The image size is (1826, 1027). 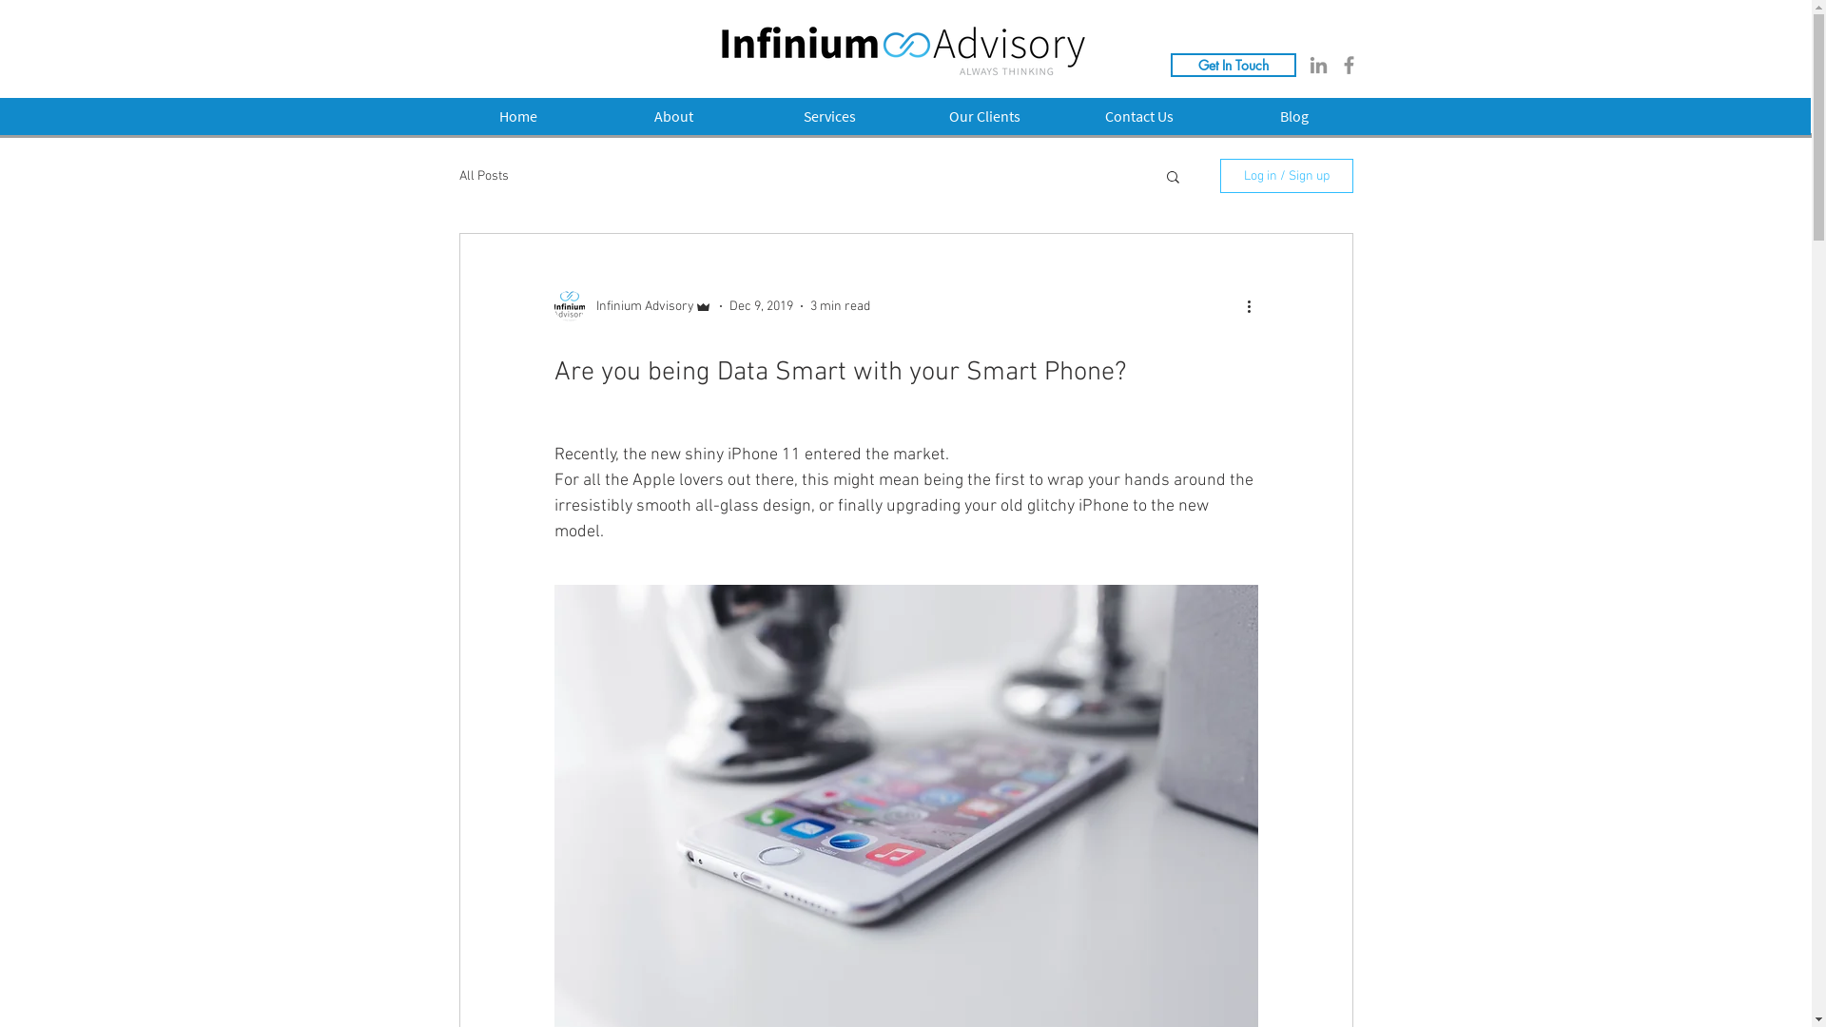 I want to click on 'Our Clients', so click(x=984, y=116).